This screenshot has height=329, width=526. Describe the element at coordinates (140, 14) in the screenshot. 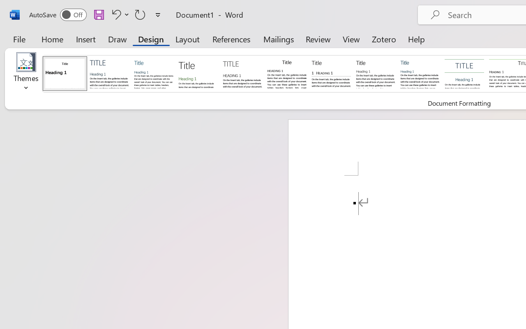

I see `'Repeat Style'` at that location.